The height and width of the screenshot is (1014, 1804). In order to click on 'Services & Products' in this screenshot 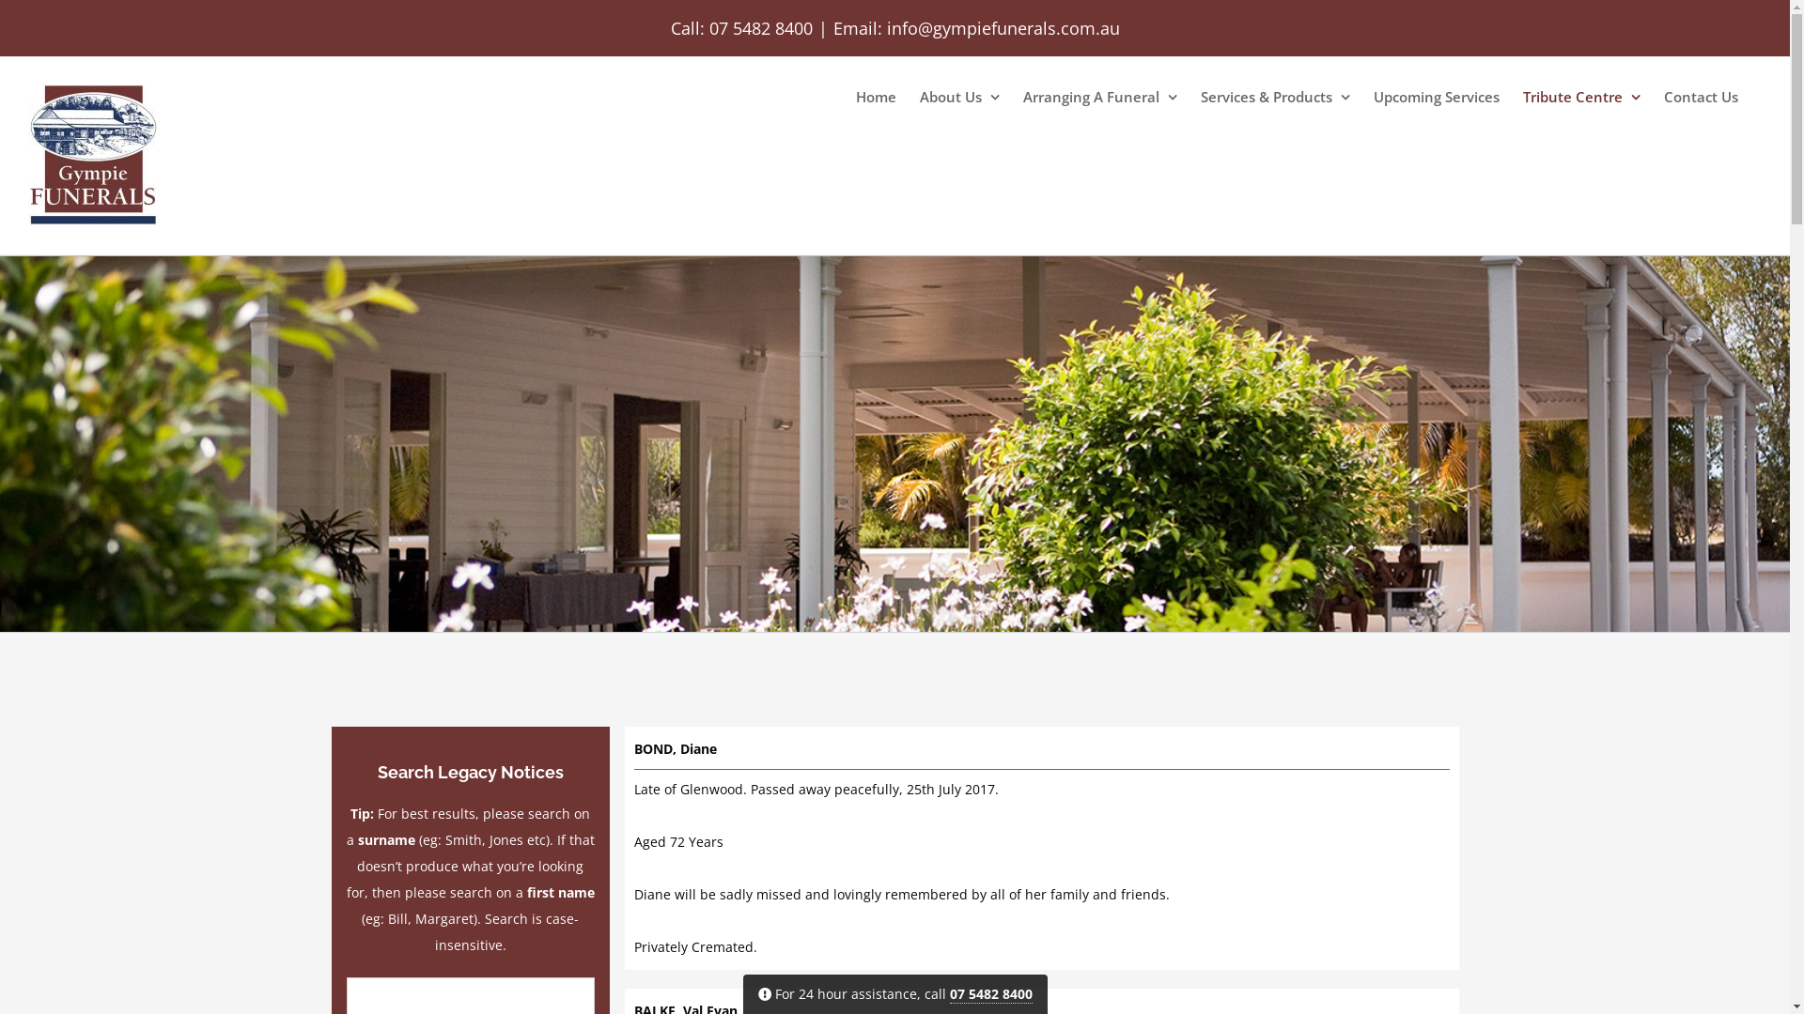, I will do `click(1275, 97)`.